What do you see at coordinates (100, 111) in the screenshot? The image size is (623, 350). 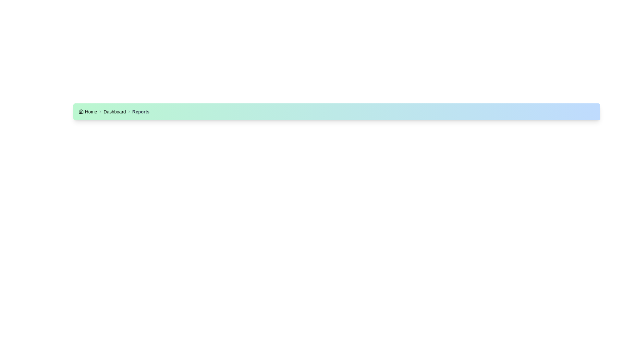 I see `the Chevron icon in the breadcrumb navigation that separates 'Home' and 'Dashboard', which is the second separator chevron from the left` at bounding box center [100, 111].